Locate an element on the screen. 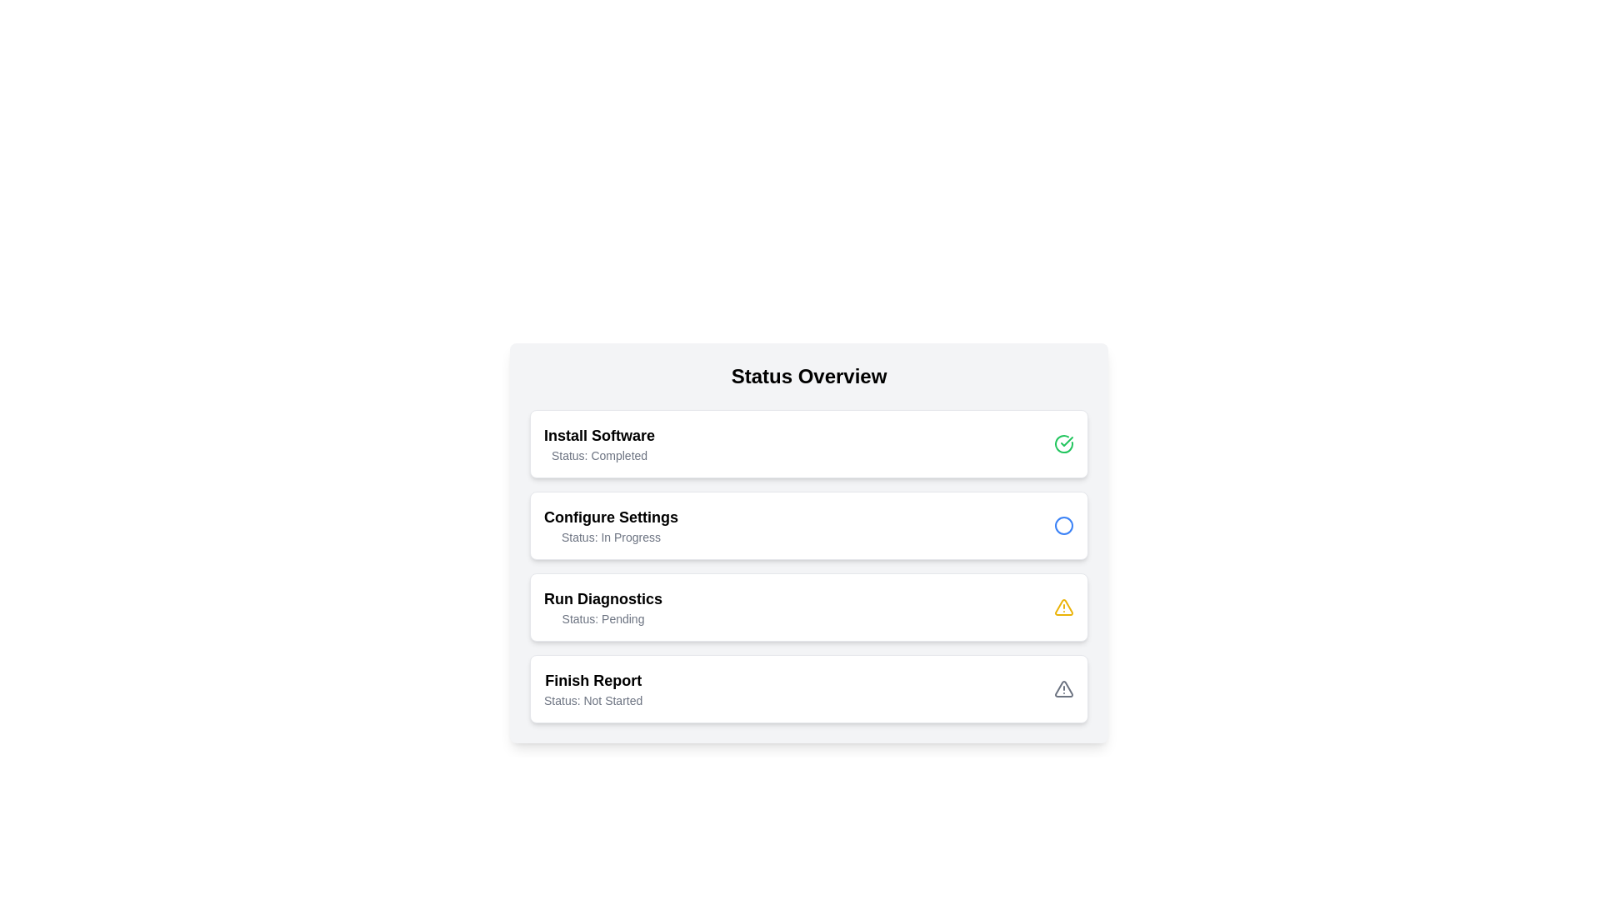  the static text display that shows the task's title and current status, located at the top-left area of the 'Status Overview' card is located at coordinates (599, 442).